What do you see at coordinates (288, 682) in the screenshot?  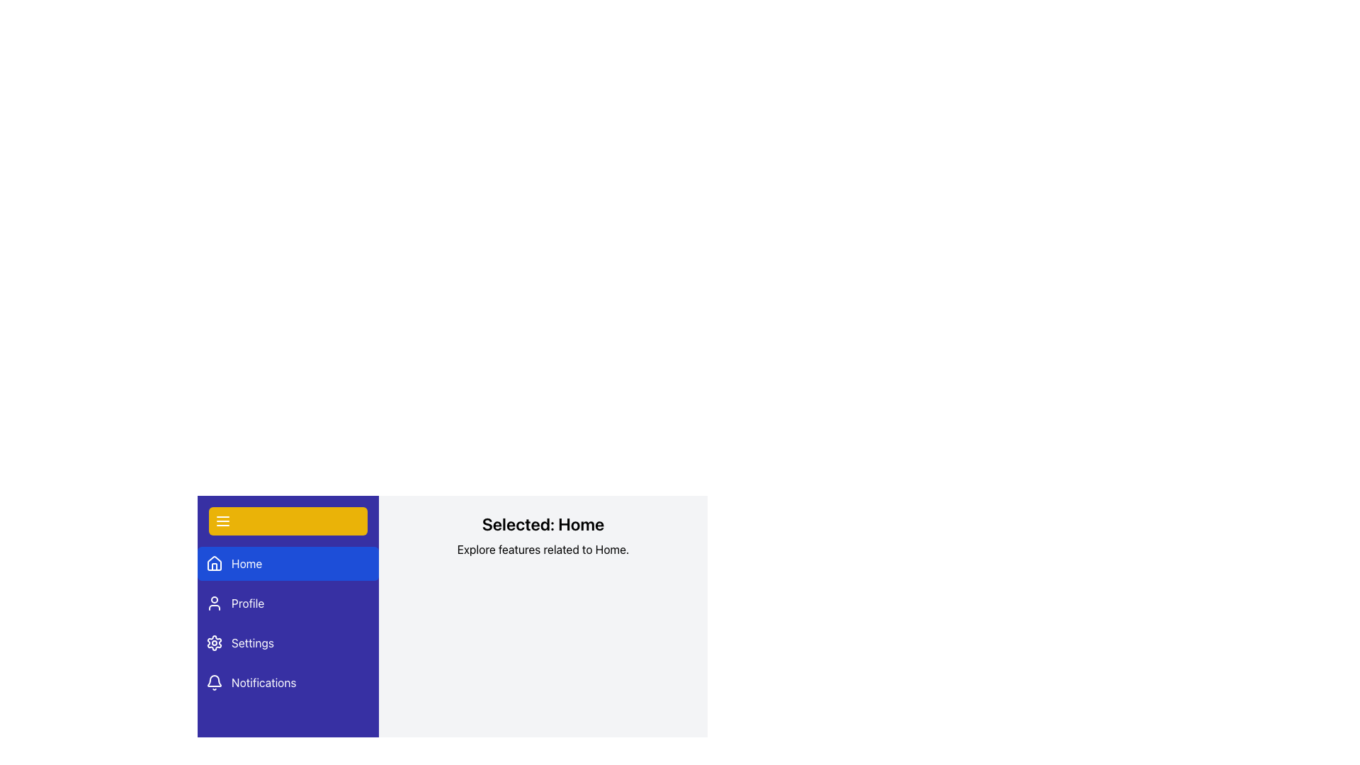 I see `the fourth item in the vertical navigation menu, located below the 'Settings' menu item` at bounding box center [288, 682].